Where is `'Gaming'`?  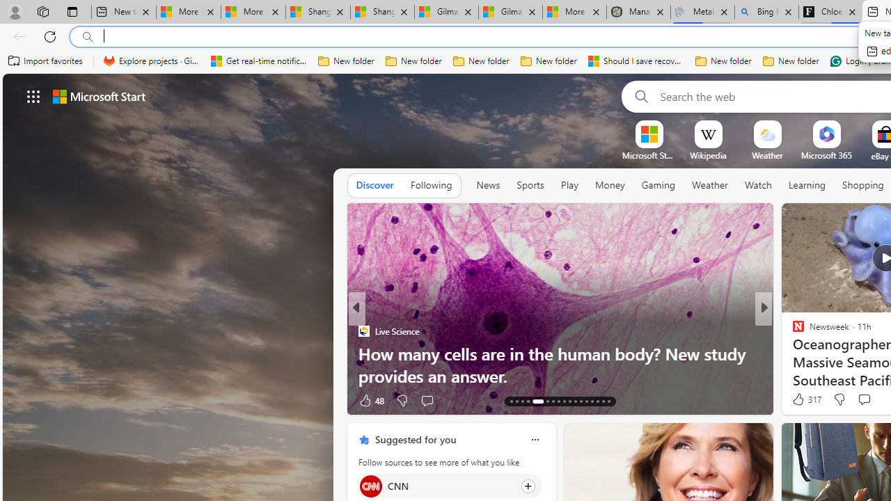
'Gaming' is located at coordinates (657, 185).